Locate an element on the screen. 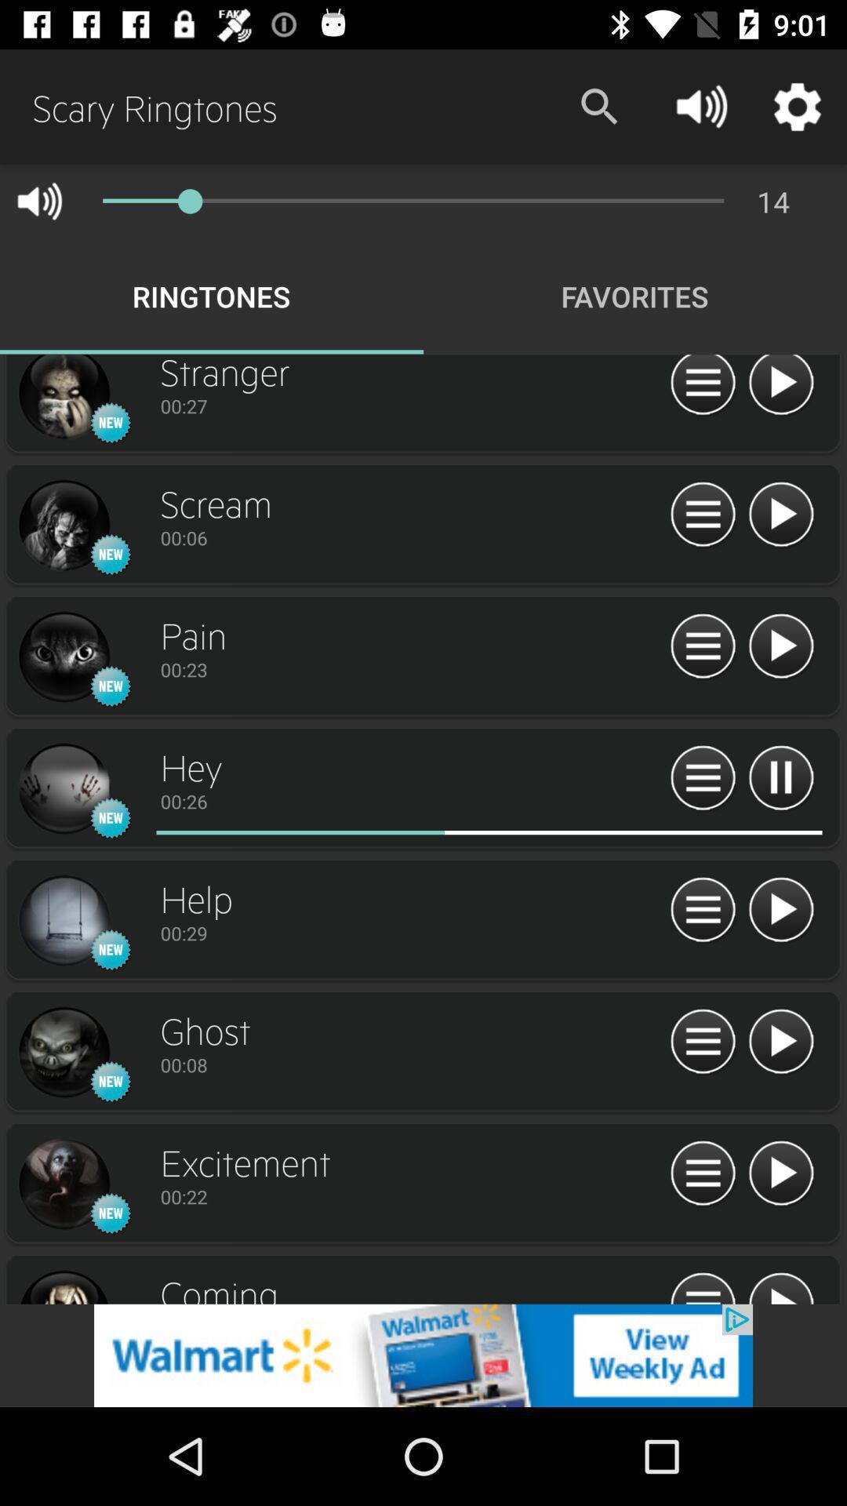  pause button is located at coordinates (780, 779).